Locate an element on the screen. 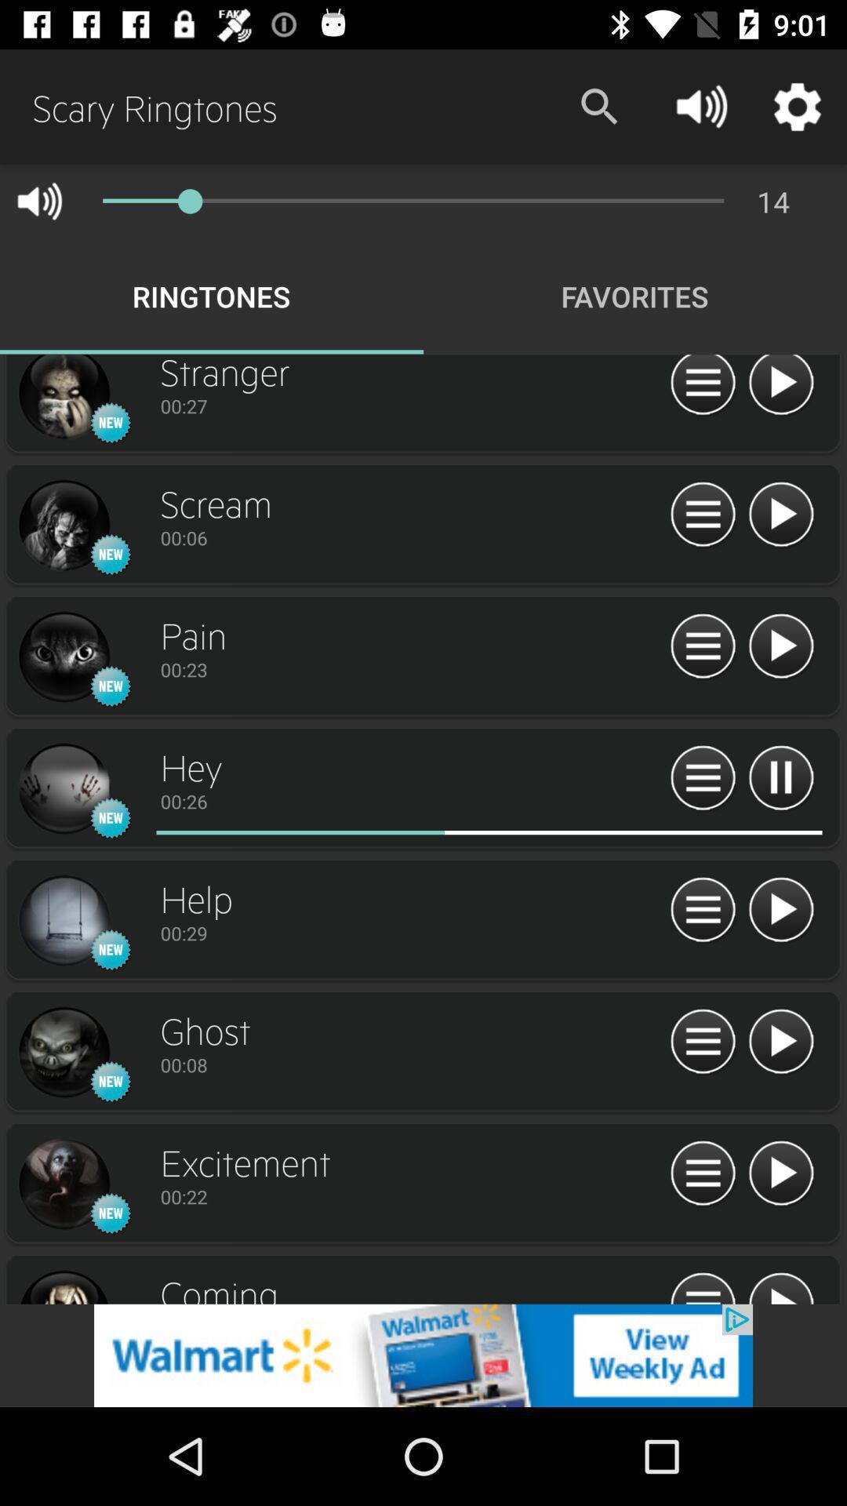  pause button is located at coordinates (780, 779).